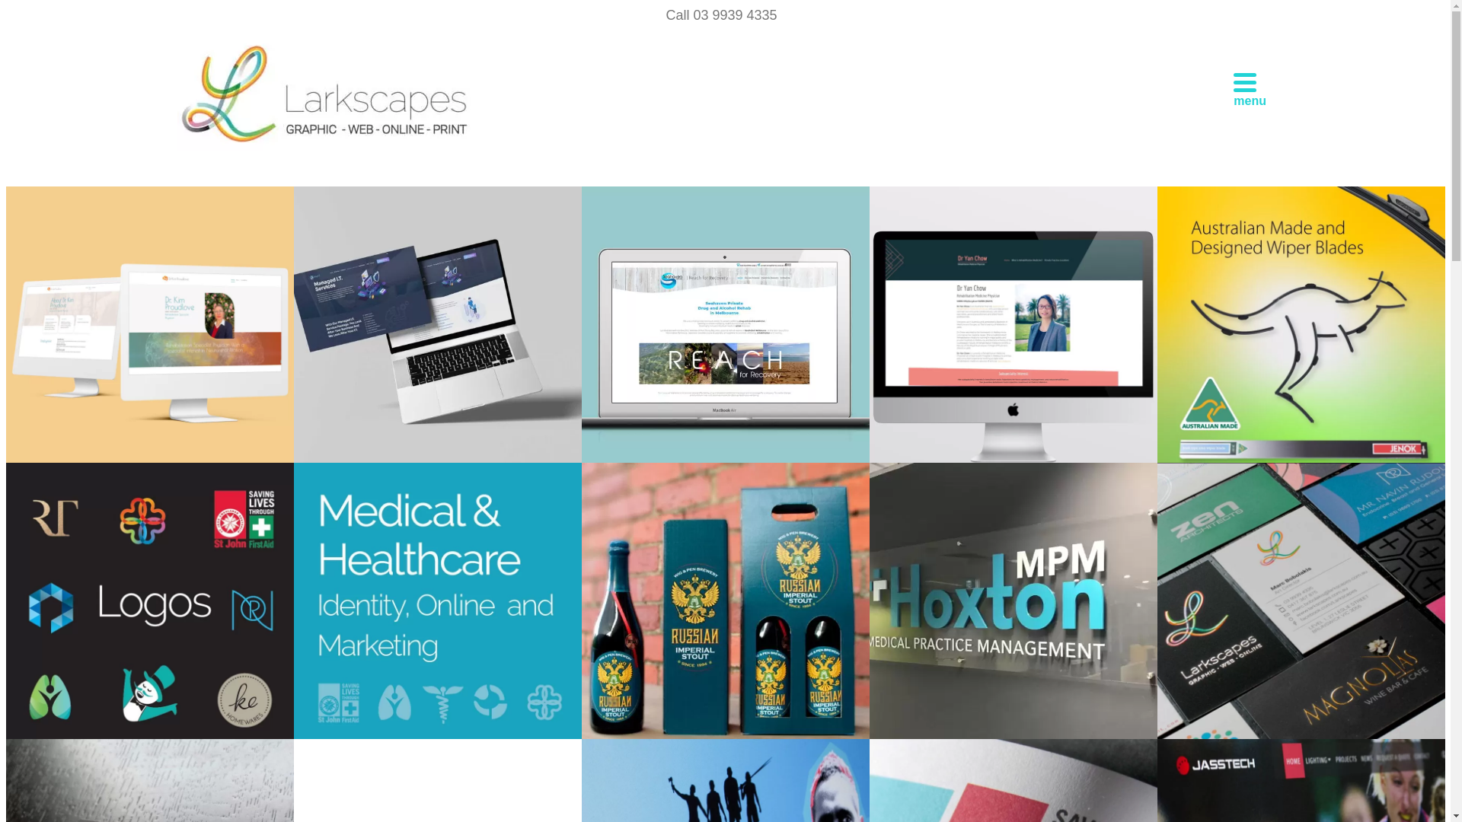 The height and width of the screenshot is (822, 1462). Describe the element at coordinates (658, 14) in the screenshot. I see `'Call 03 9939 4335'` at that location.